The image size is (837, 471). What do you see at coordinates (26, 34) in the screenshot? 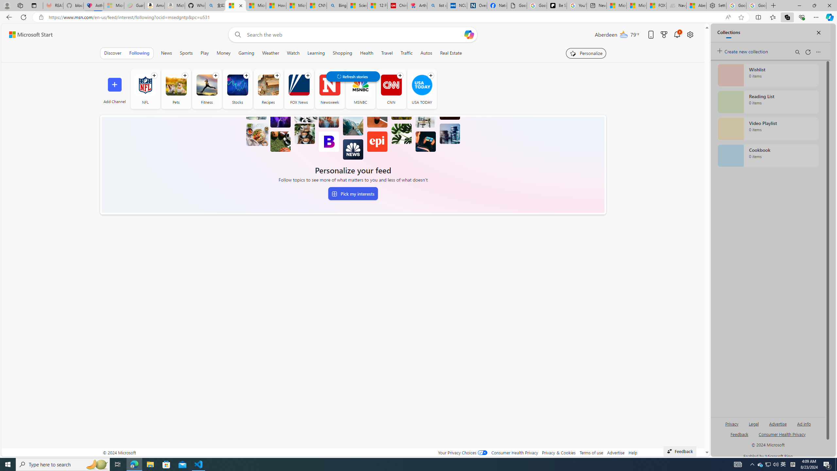
I see `'Skip to footer'` at bounding box center [26, 34].